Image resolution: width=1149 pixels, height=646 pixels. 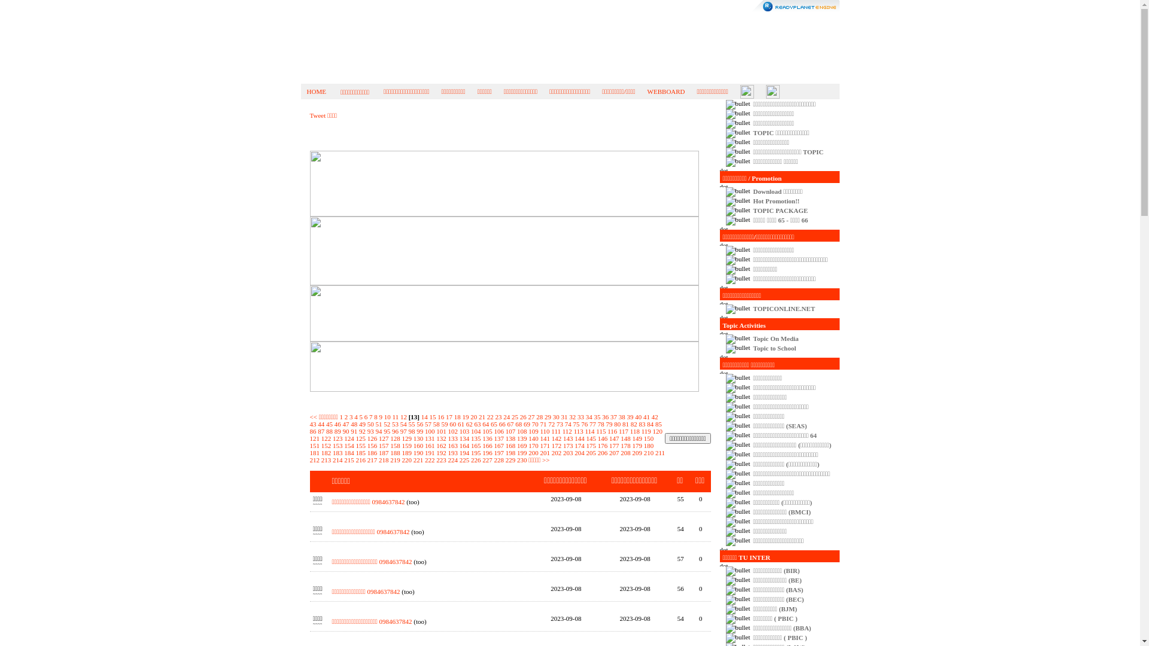 I want to click on '146', so click(x=603, y=438).